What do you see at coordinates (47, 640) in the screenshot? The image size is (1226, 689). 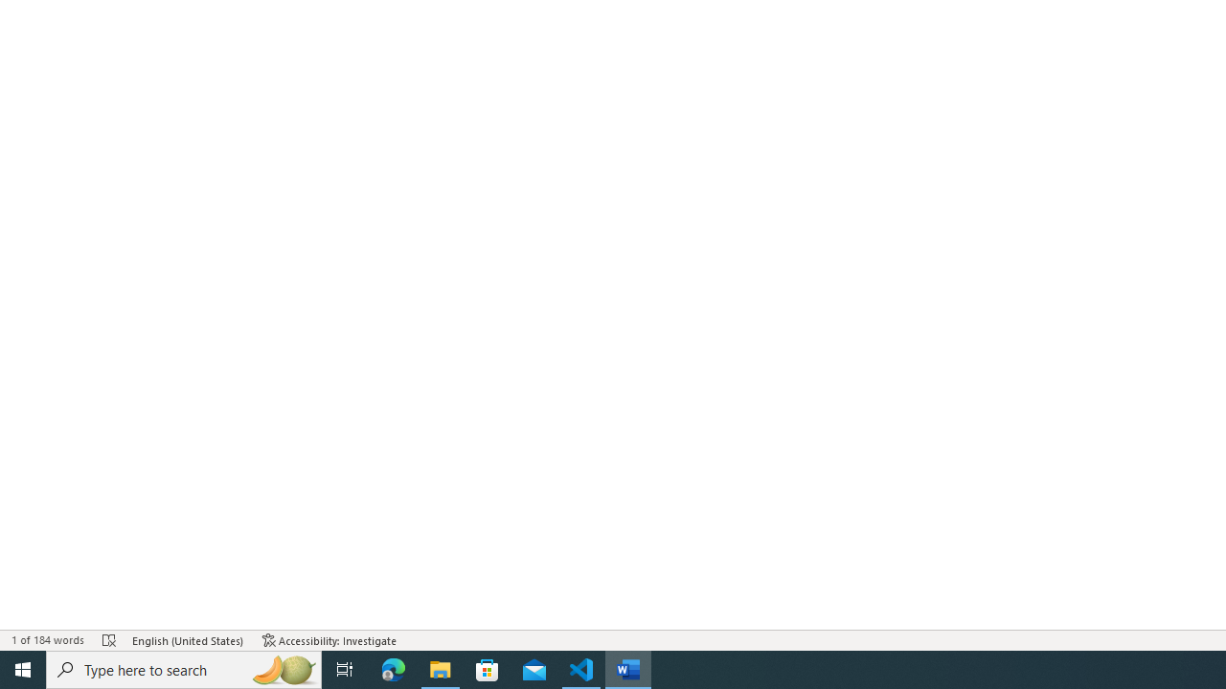 I see `'Word Count 1 of 184 words'` at bounding box center [47, 640].